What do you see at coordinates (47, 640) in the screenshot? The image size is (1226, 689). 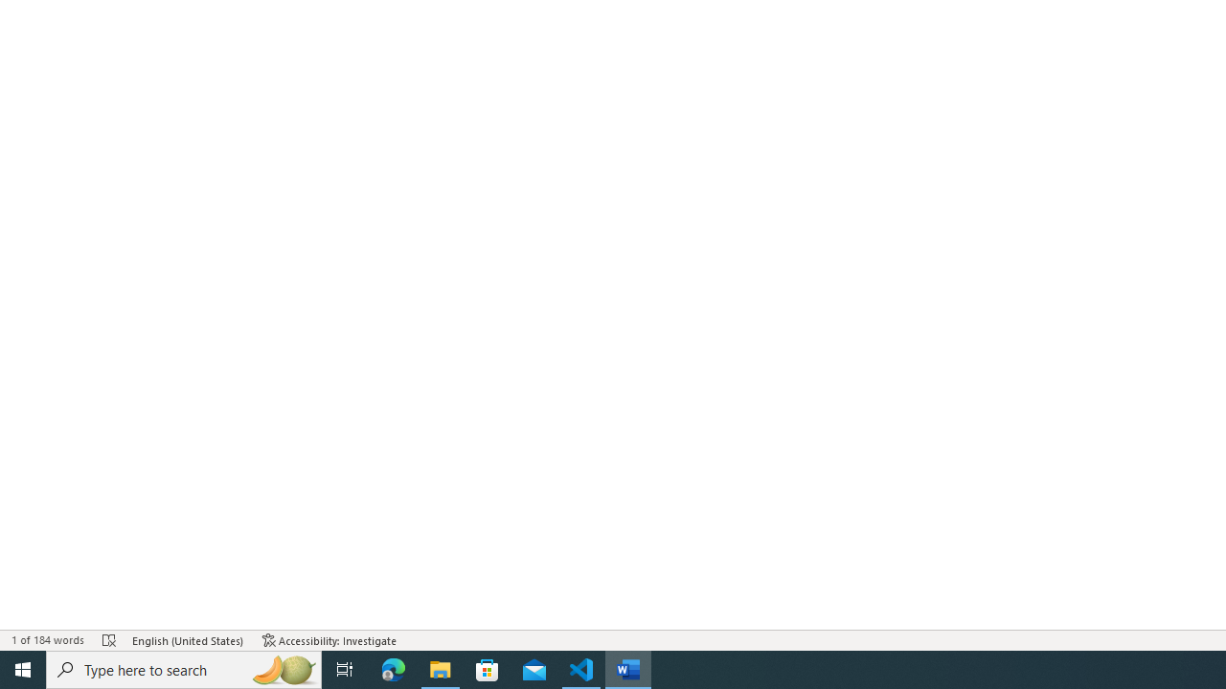 I see `'Word Count 1 of 184 words'` at bounding box center [47, 640].